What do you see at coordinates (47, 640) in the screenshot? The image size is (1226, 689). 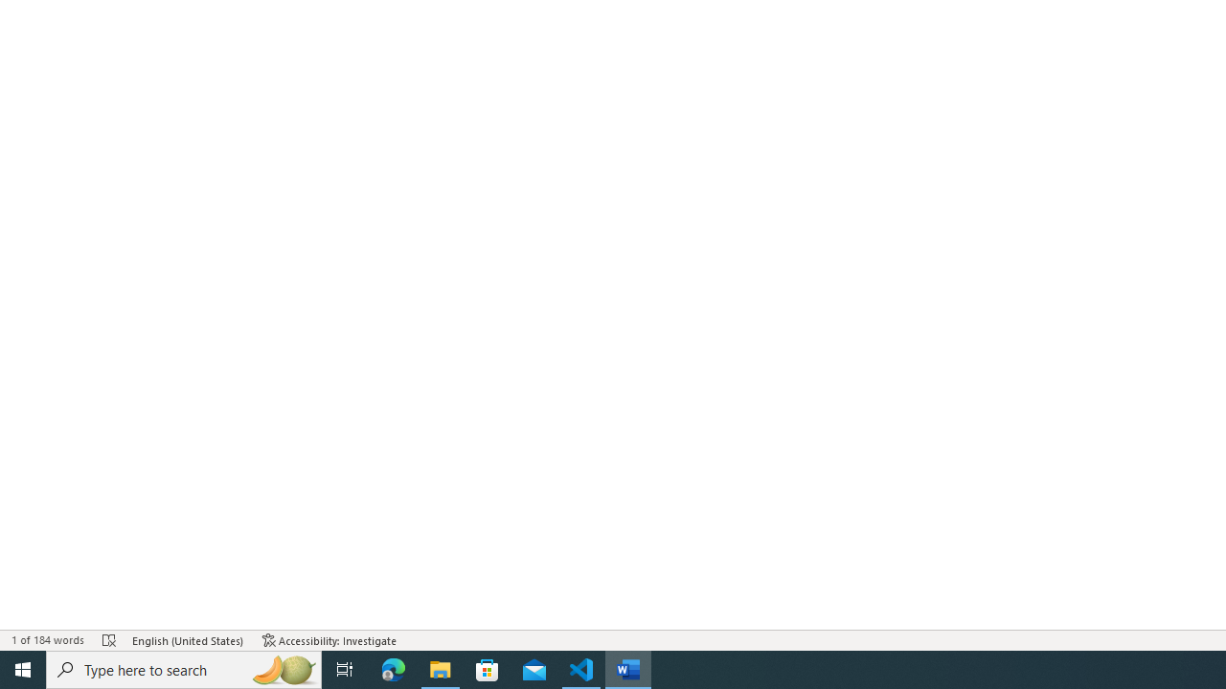 I see `'Word Count 1 of 184 words'` at bounding box center [47, 640].